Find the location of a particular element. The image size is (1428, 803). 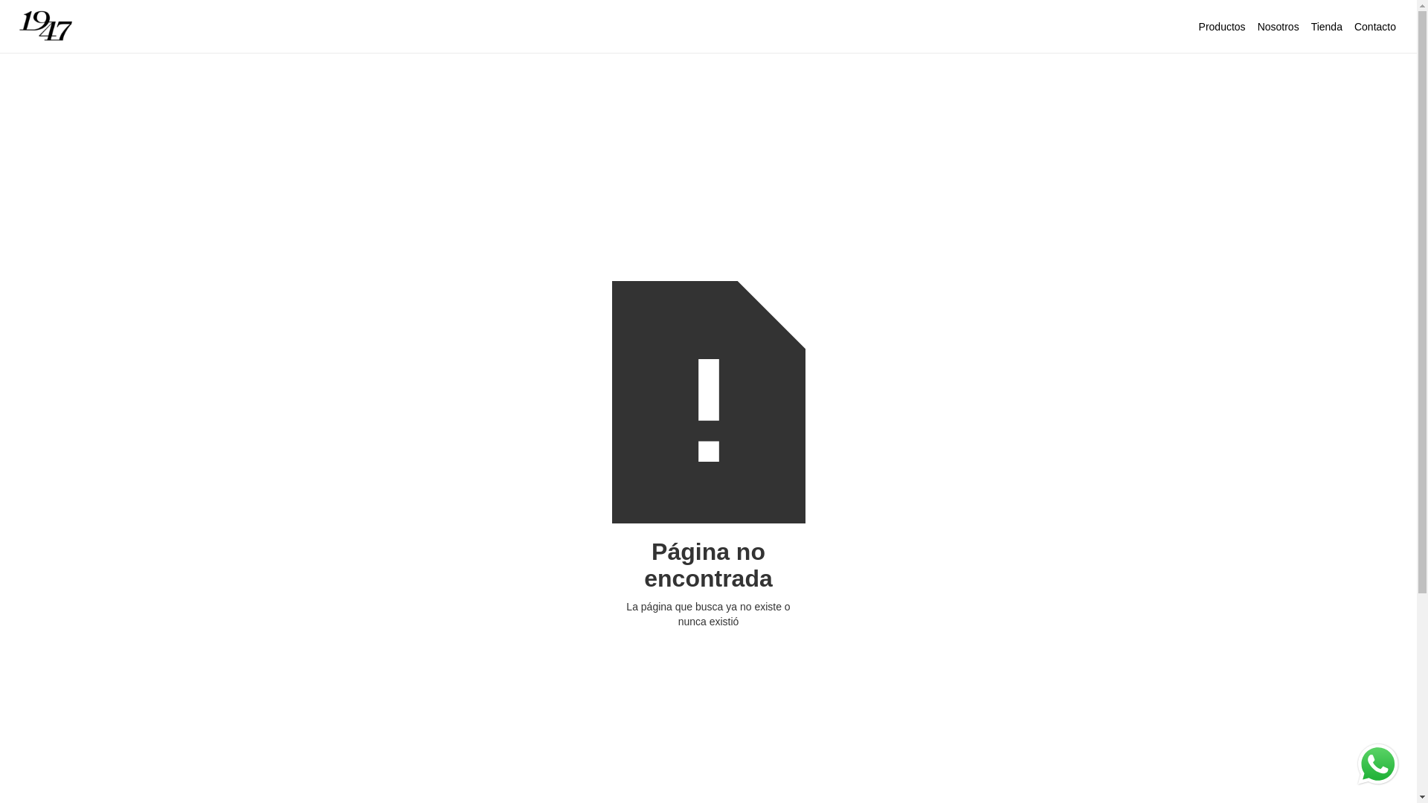

'Contacto' is located at coordinates (1374, 26).